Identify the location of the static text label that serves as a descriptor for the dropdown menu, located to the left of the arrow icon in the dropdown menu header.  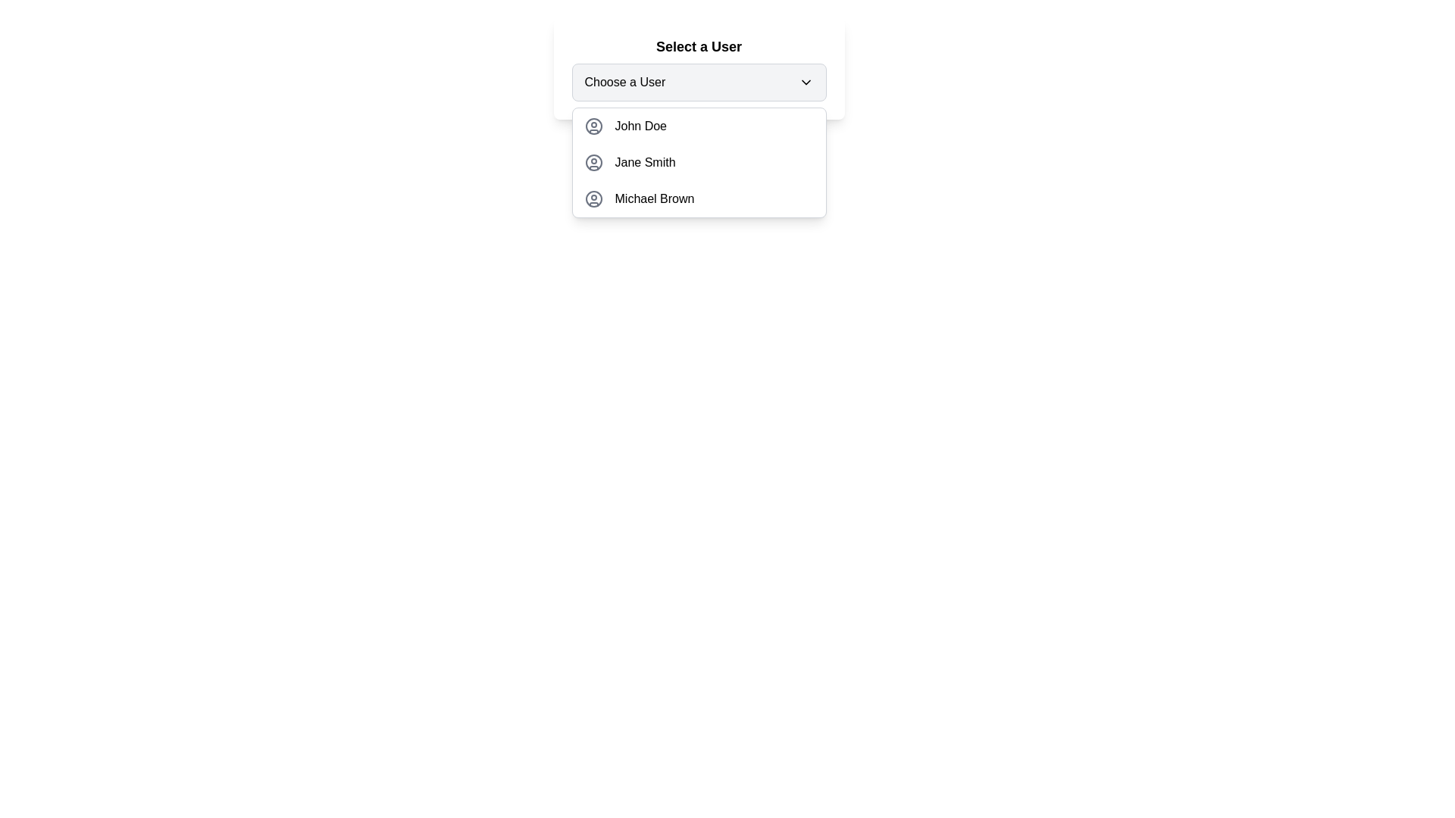
(624, 82).